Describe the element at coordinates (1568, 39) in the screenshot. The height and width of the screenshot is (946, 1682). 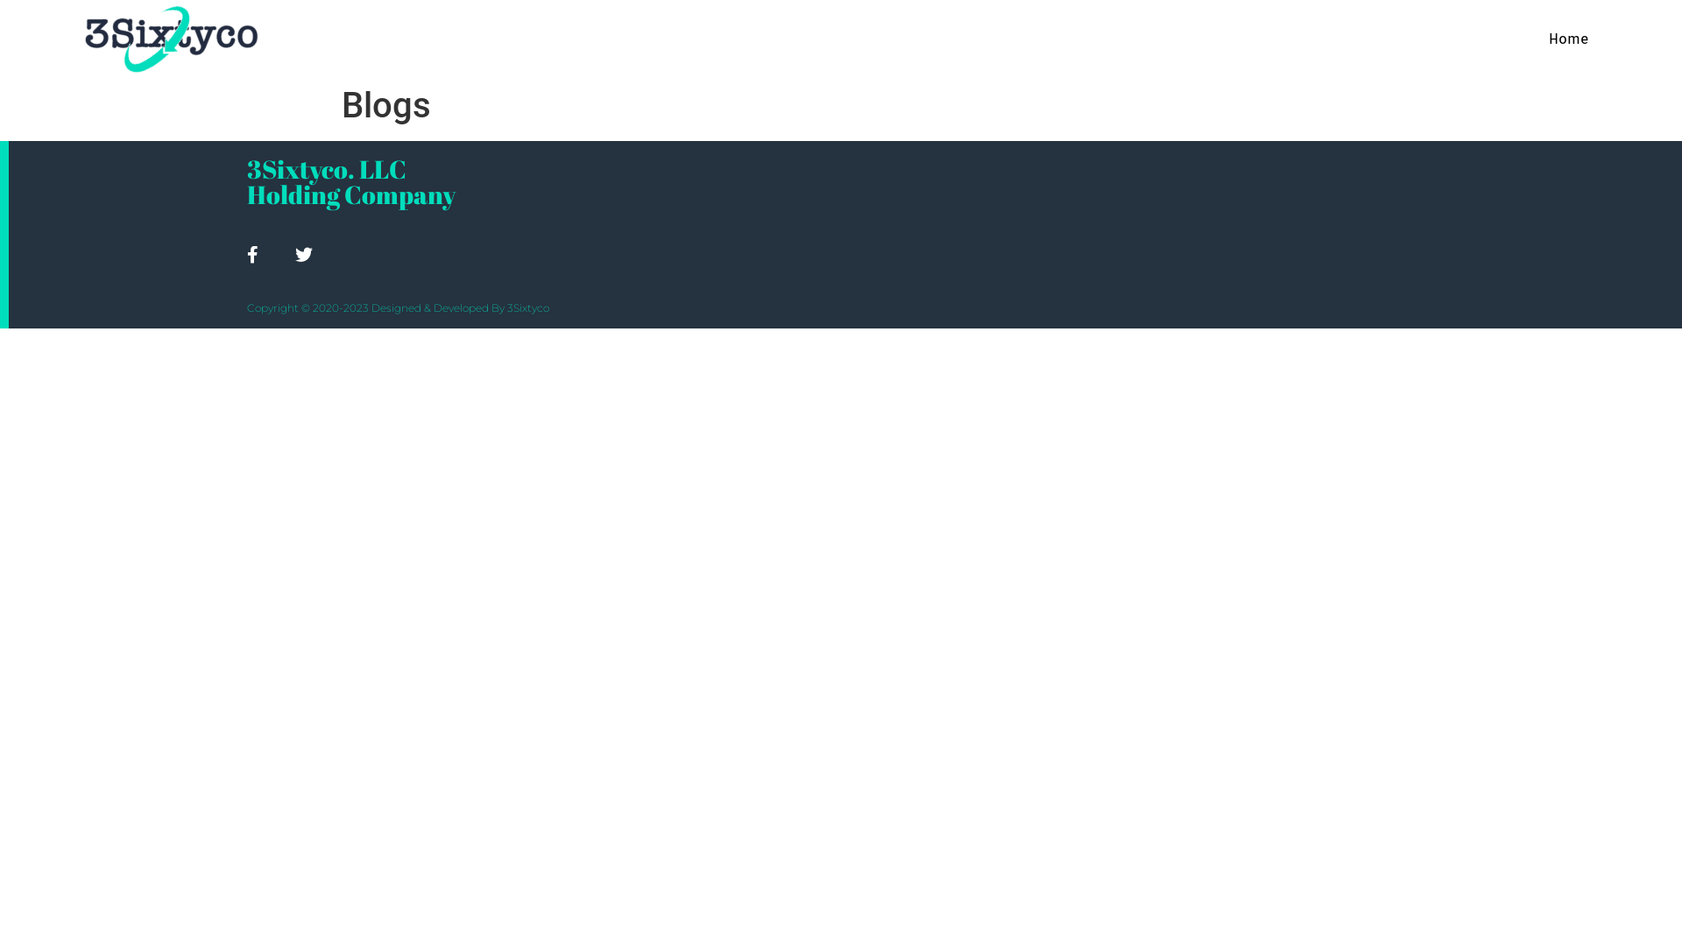
I see `'Home'` at that location.